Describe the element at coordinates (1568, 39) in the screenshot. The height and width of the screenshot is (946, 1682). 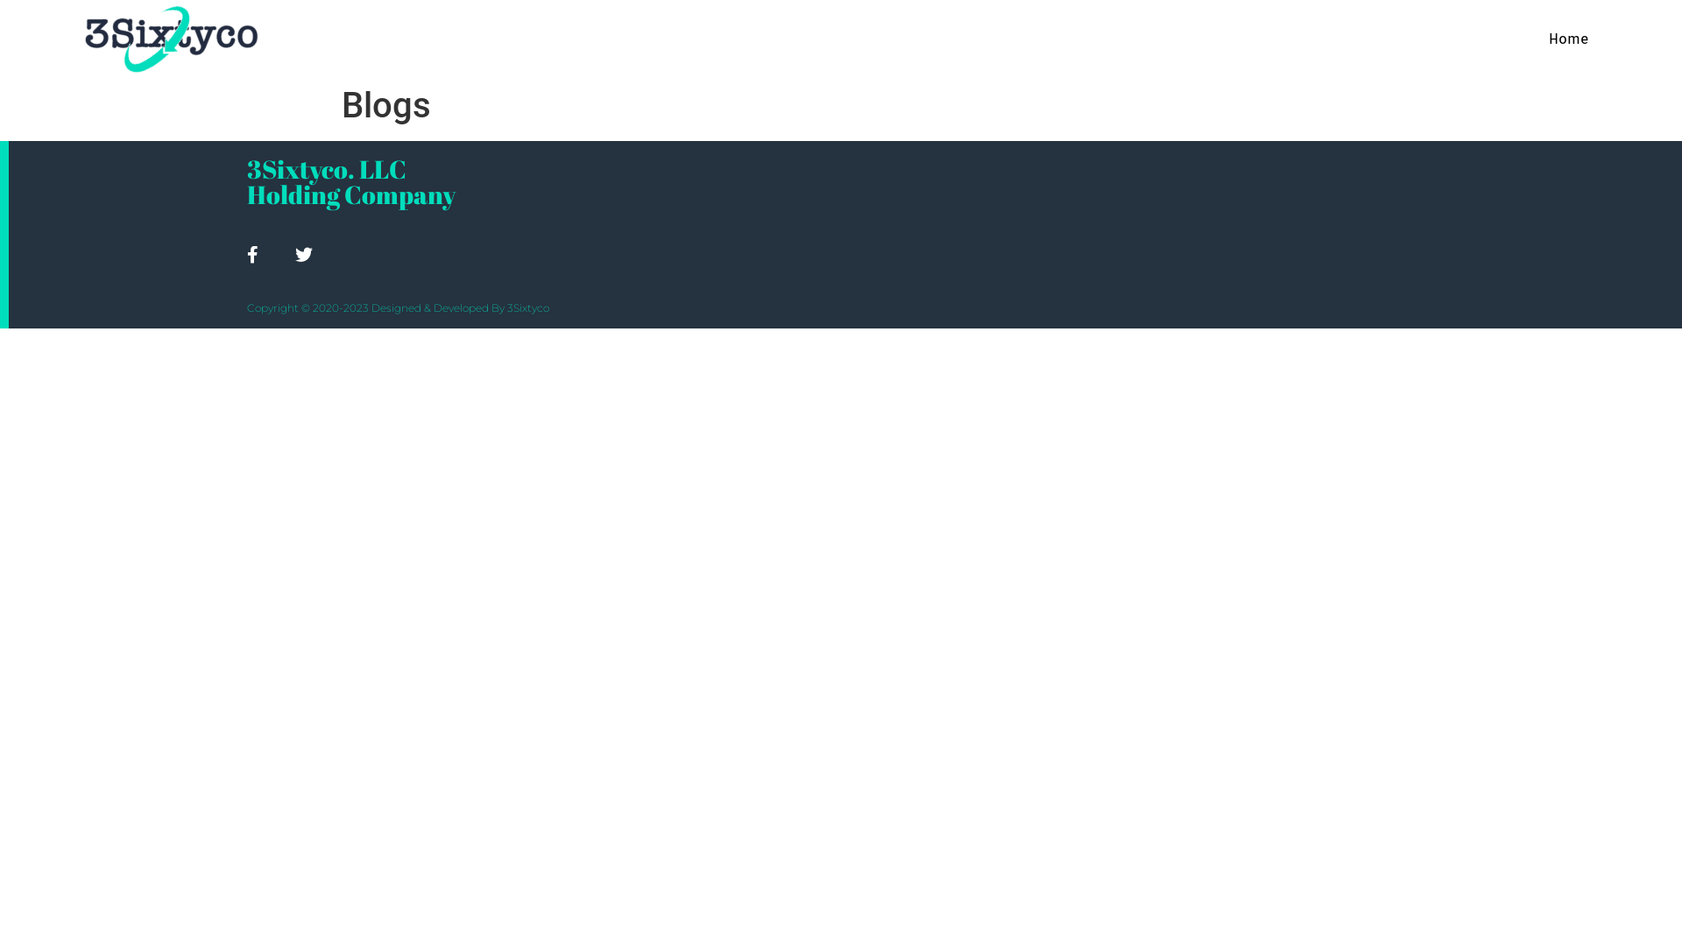
I see `'Home'` at that location.